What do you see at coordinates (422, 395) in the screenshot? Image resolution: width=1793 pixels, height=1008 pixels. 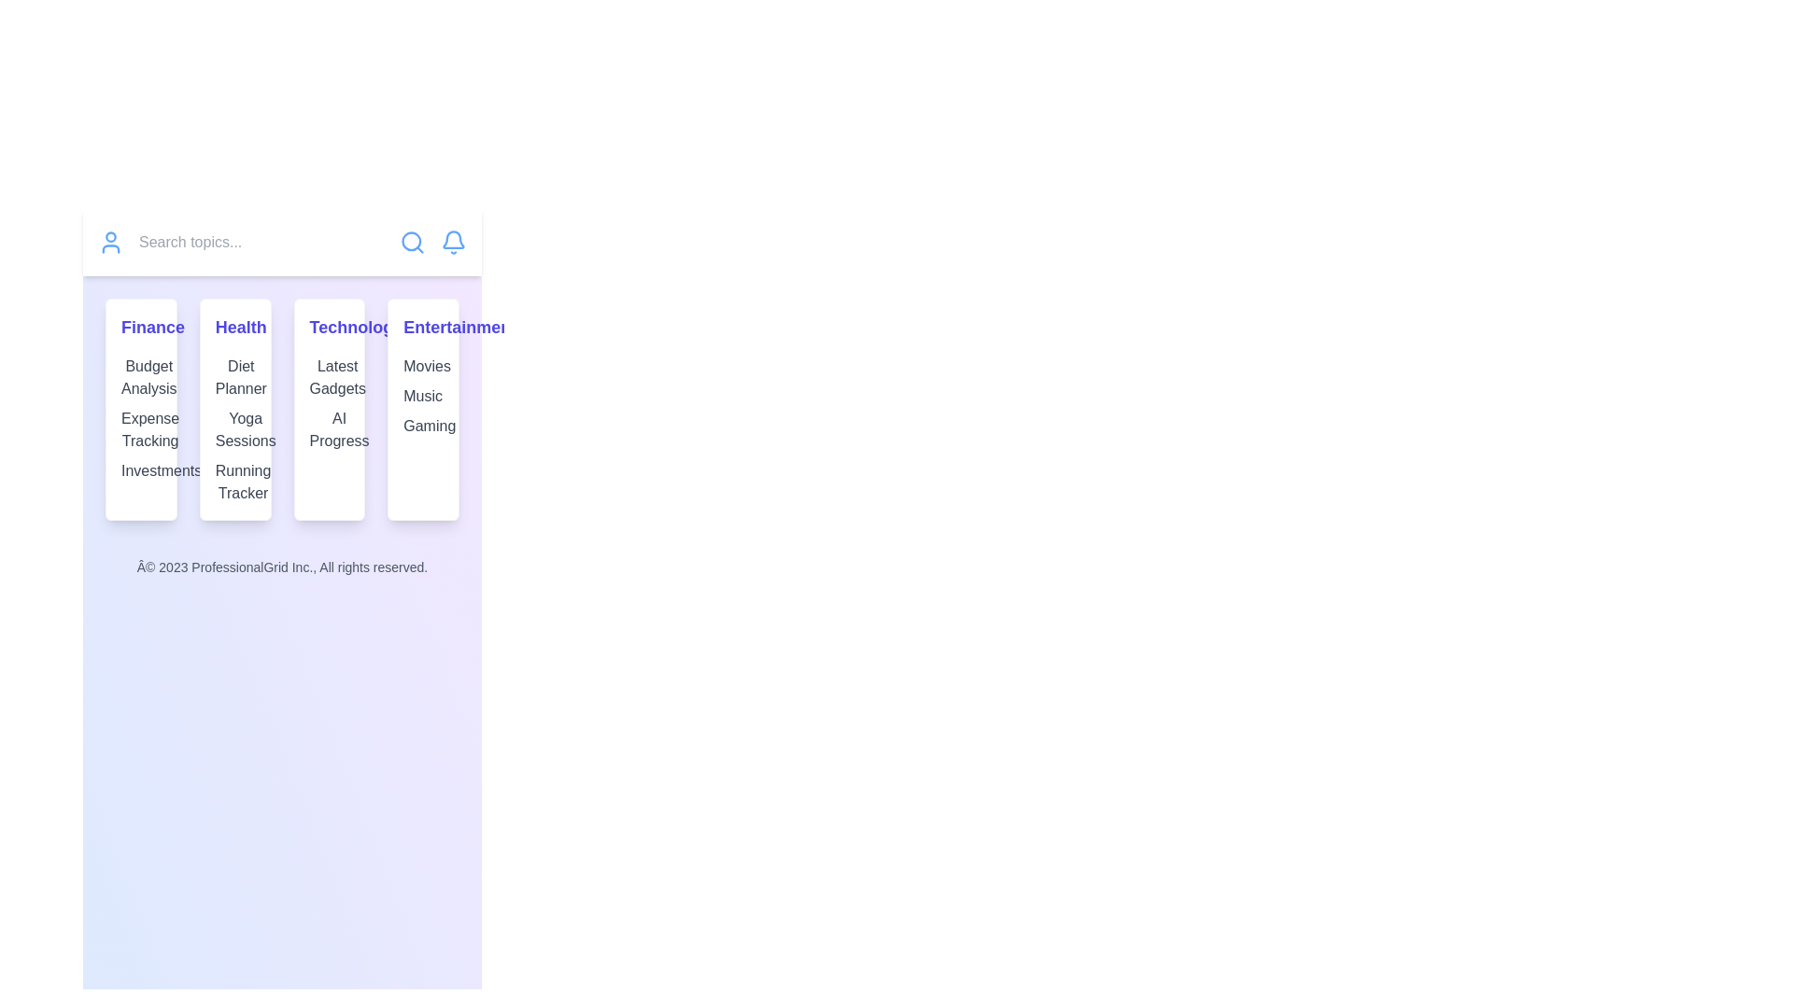 I see `the 'Music' label` at bounding box center [422, 395].